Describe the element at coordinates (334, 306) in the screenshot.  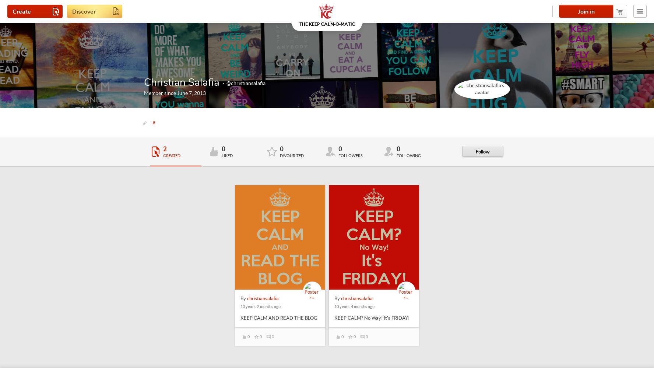
I see `'10 years, 4 months ago'` at that location.